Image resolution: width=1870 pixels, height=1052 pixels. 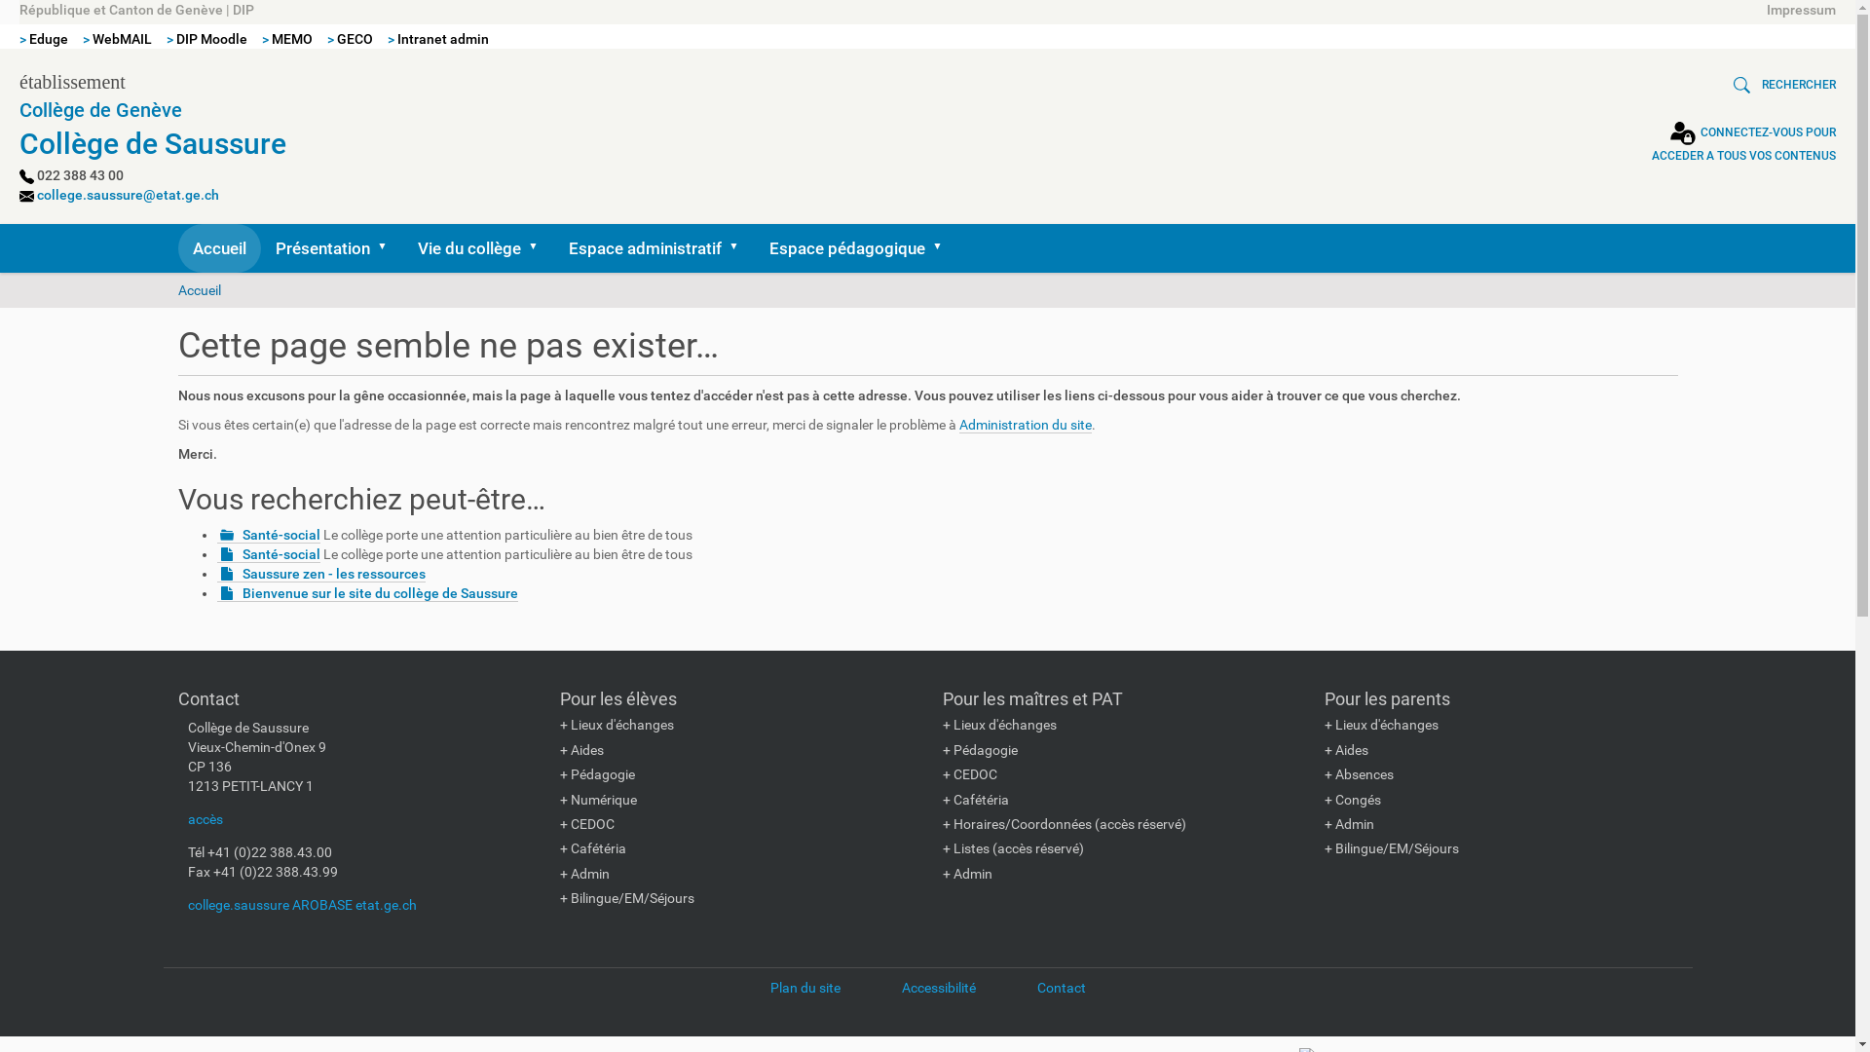 What do you see at coordinates (1767, 10) in the screenshot?
I see `'Impressum'` at bounding box center [1767, 10].